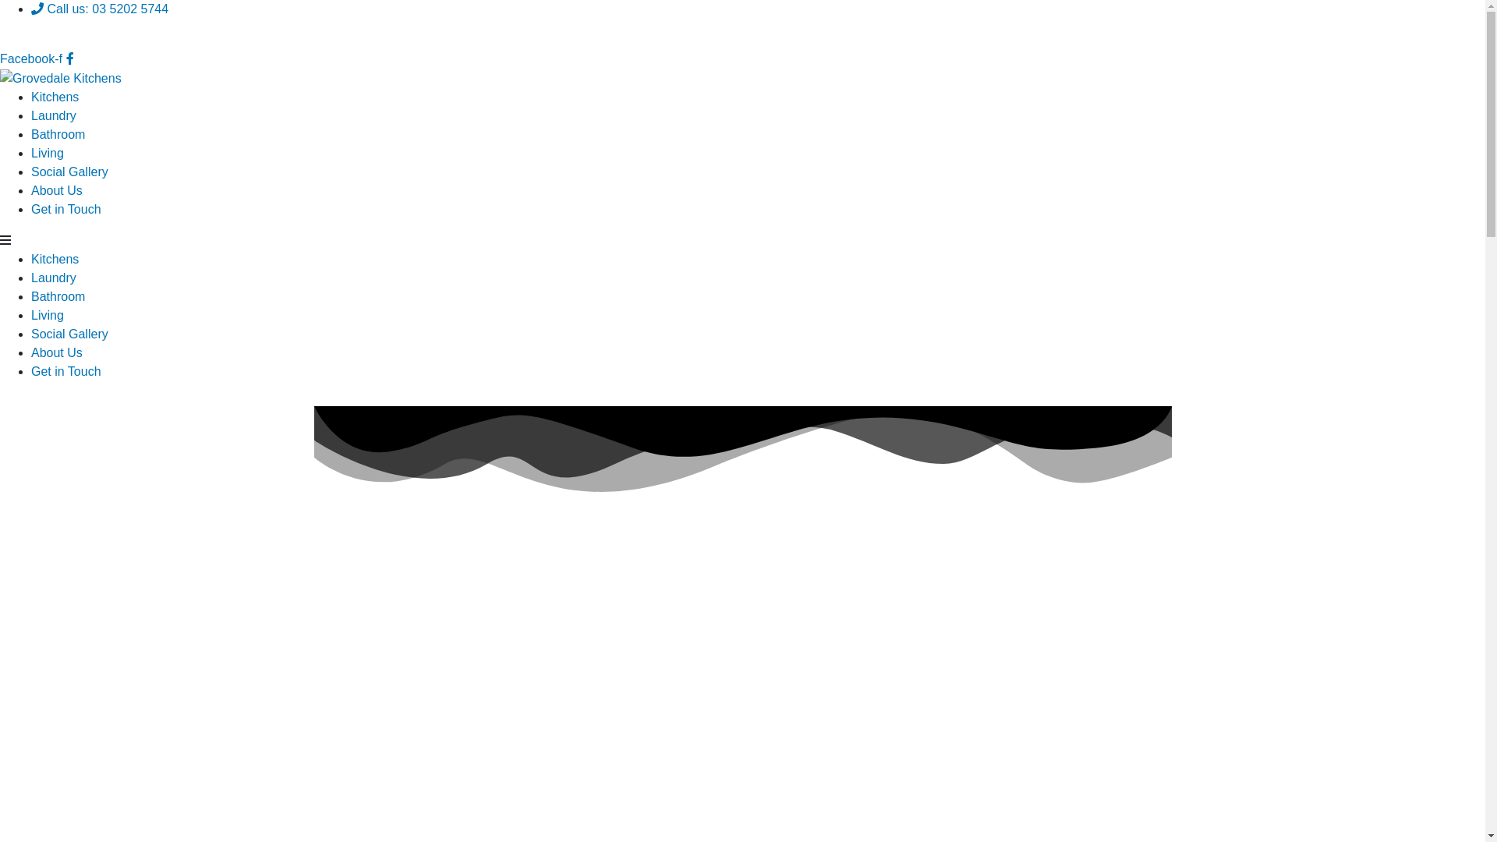 The height and width of the screenshot is (842, 1497). Describe the element at coordinates (55, 97) in the screenshot. I see `'Kitchens'` at that location.